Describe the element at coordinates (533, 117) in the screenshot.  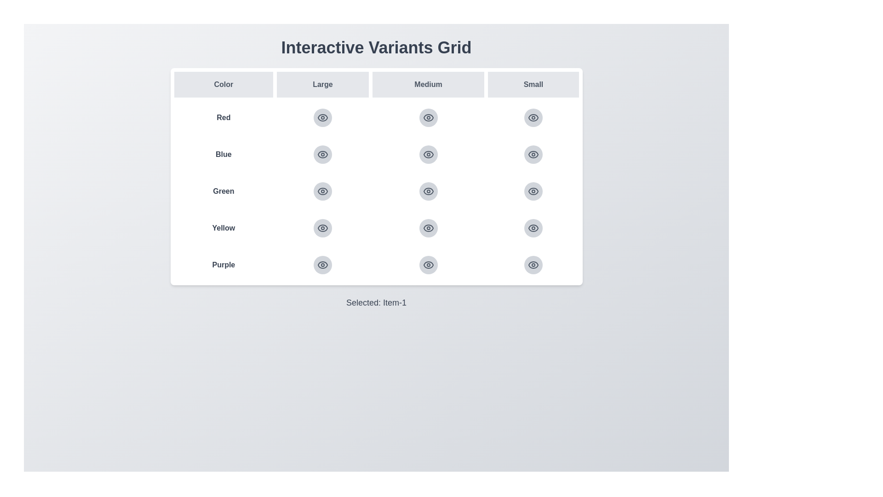
I see `the icon button located in the fifth column of the first row under the 'Interactive Variants Grid' heading` at that location.